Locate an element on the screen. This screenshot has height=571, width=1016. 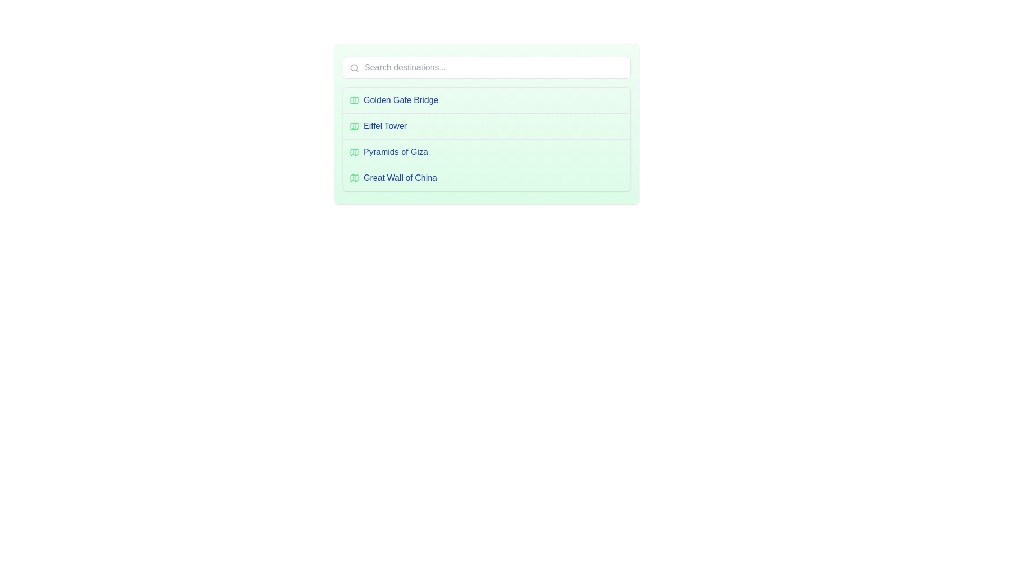
the green unfolded map icon located to the left of the text 'Eiffel Tower' in the list is located at coordinates (355, 126).